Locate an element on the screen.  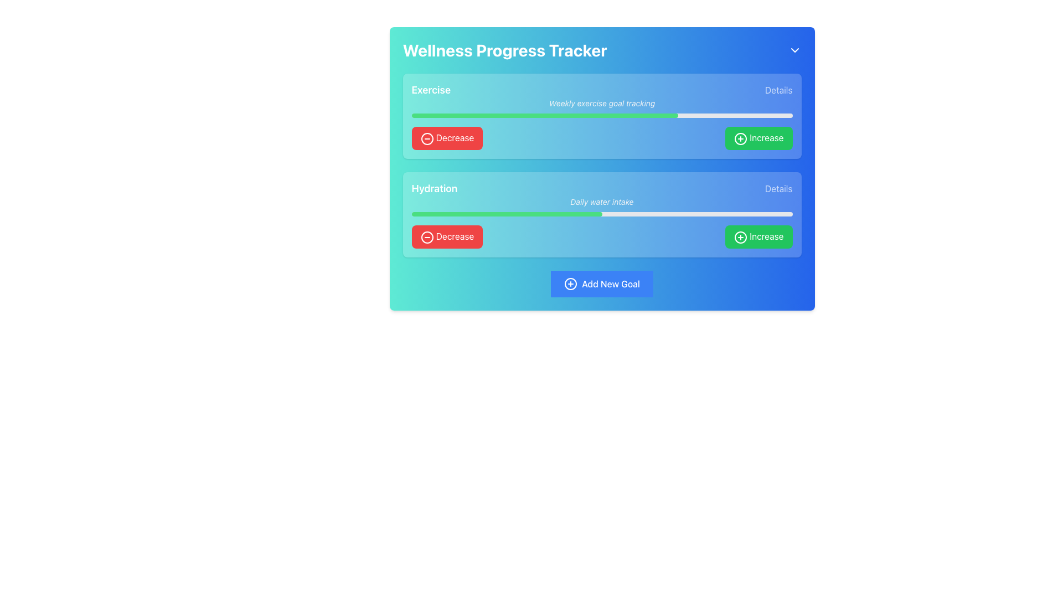
the Progress Bar in the Wellness Progress Tracker interface is located at coordinates (601, 115).